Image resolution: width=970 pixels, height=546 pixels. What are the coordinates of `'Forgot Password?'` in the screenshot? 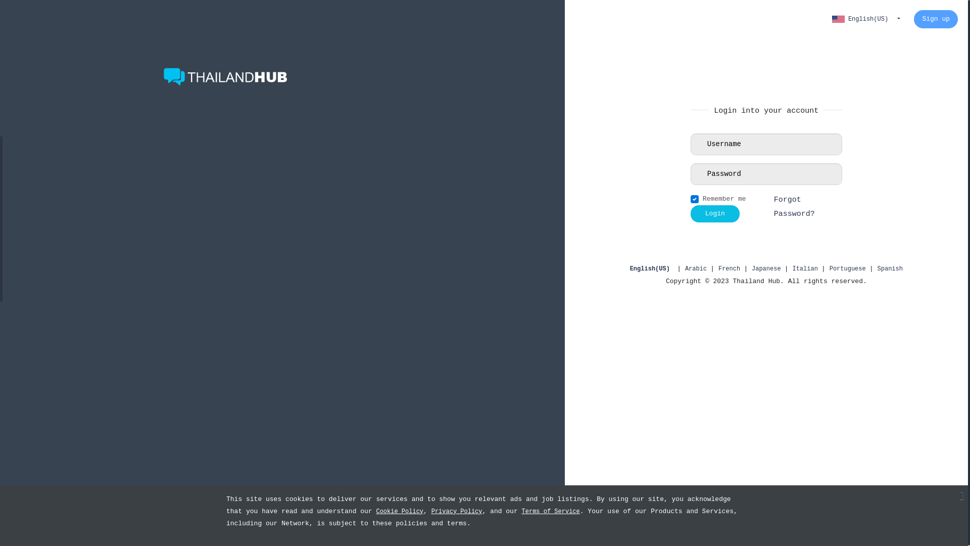 It's located at (807, 206).